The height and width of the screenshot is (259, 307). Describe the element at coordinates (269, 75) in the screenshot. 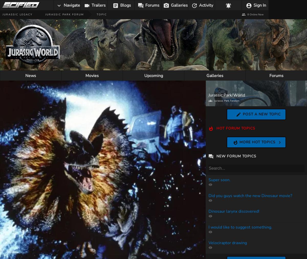

I see `'Forums'` at that location.